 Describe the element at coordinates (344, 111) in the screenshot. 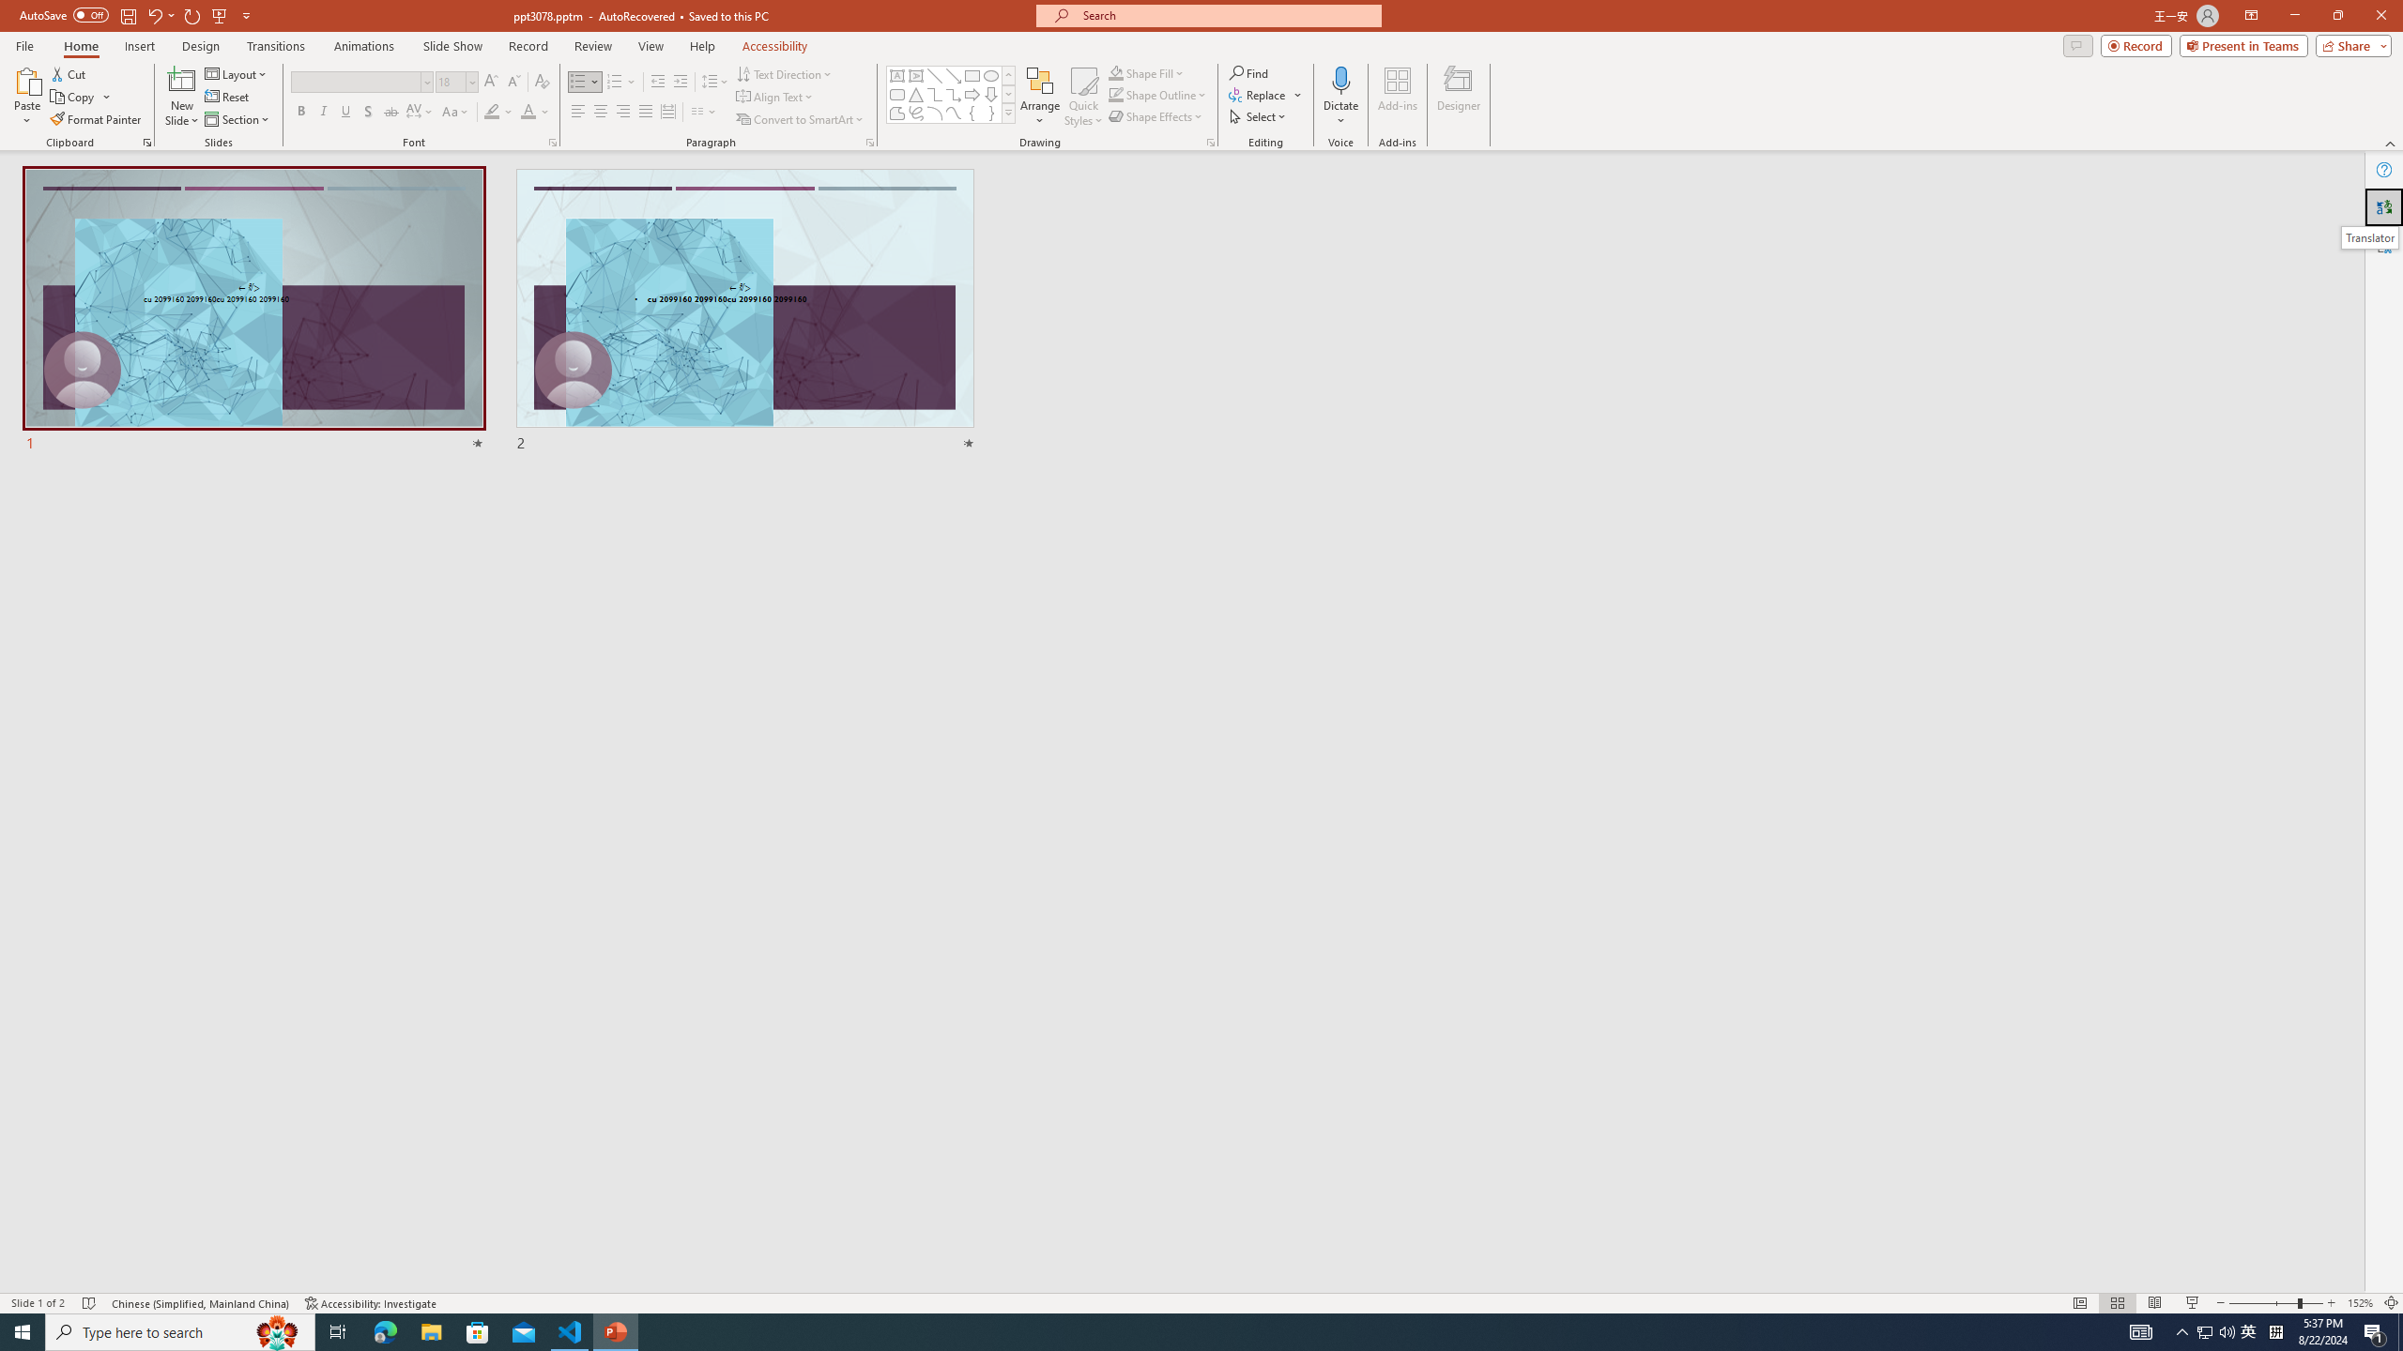

I see `'Underline'` at that location.